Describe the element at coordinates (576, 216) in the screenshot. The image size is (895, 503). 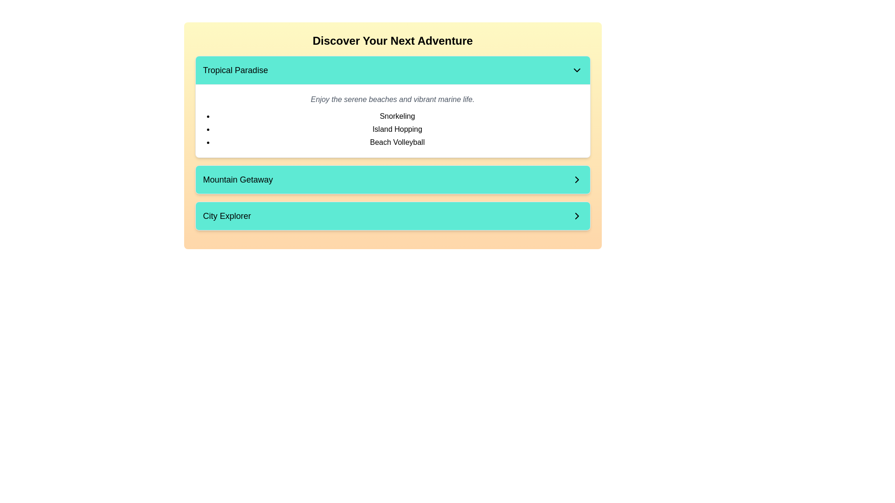
I see `the right-pointing chevron icon with a bolded outline located on the 'City Explorer' button` at that location.